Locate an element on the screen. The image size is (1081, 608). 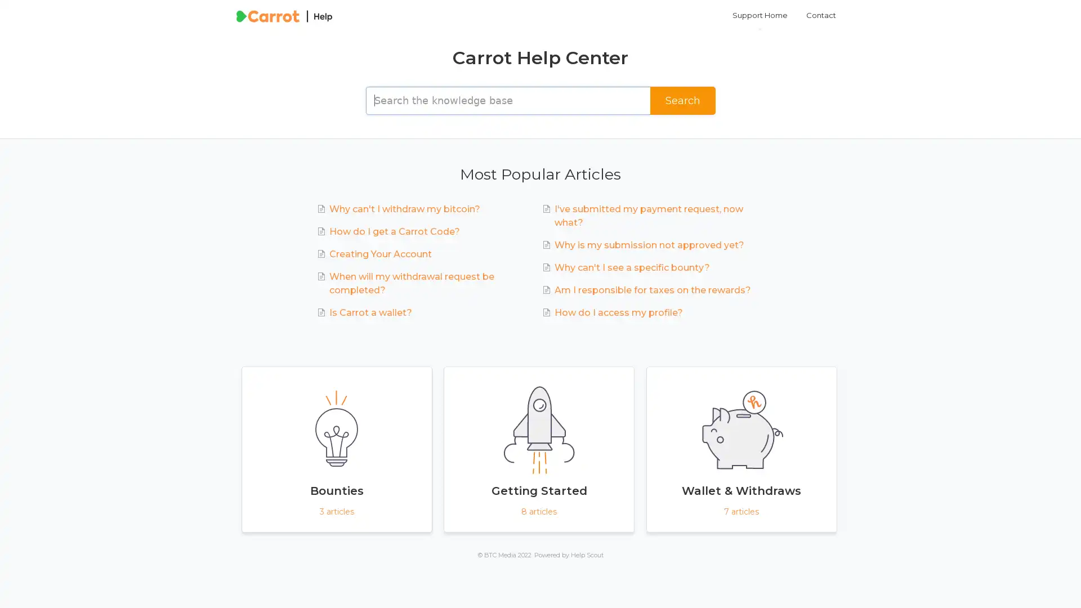
Search is located at coordinates (682, 99).